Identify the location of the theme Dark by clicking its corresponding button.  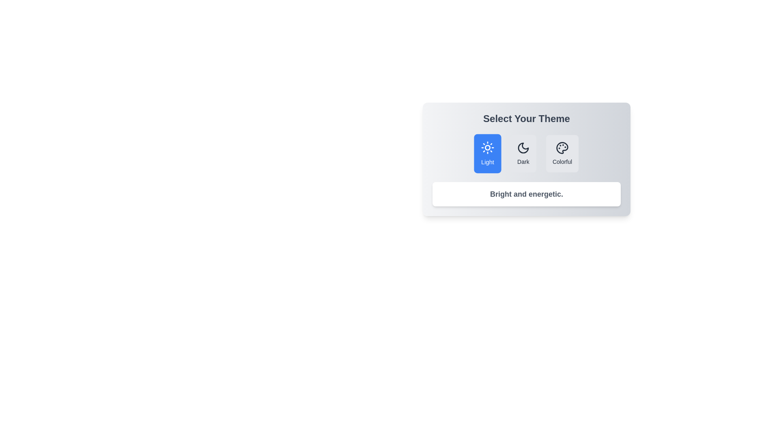
(523, 153).